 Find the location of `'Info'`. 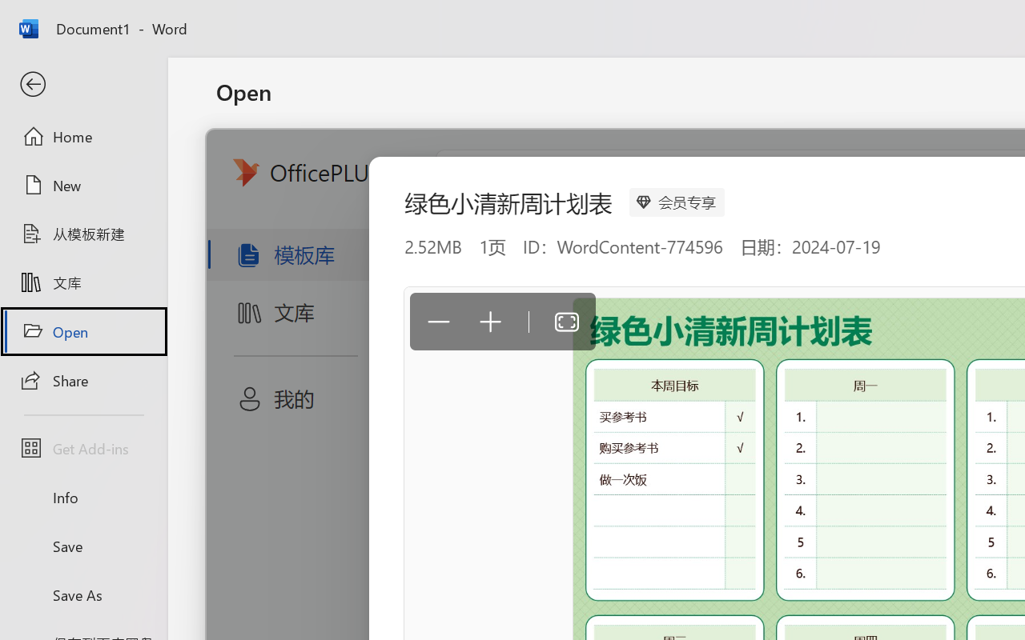

'Info' is located at coordinates (82, 497).